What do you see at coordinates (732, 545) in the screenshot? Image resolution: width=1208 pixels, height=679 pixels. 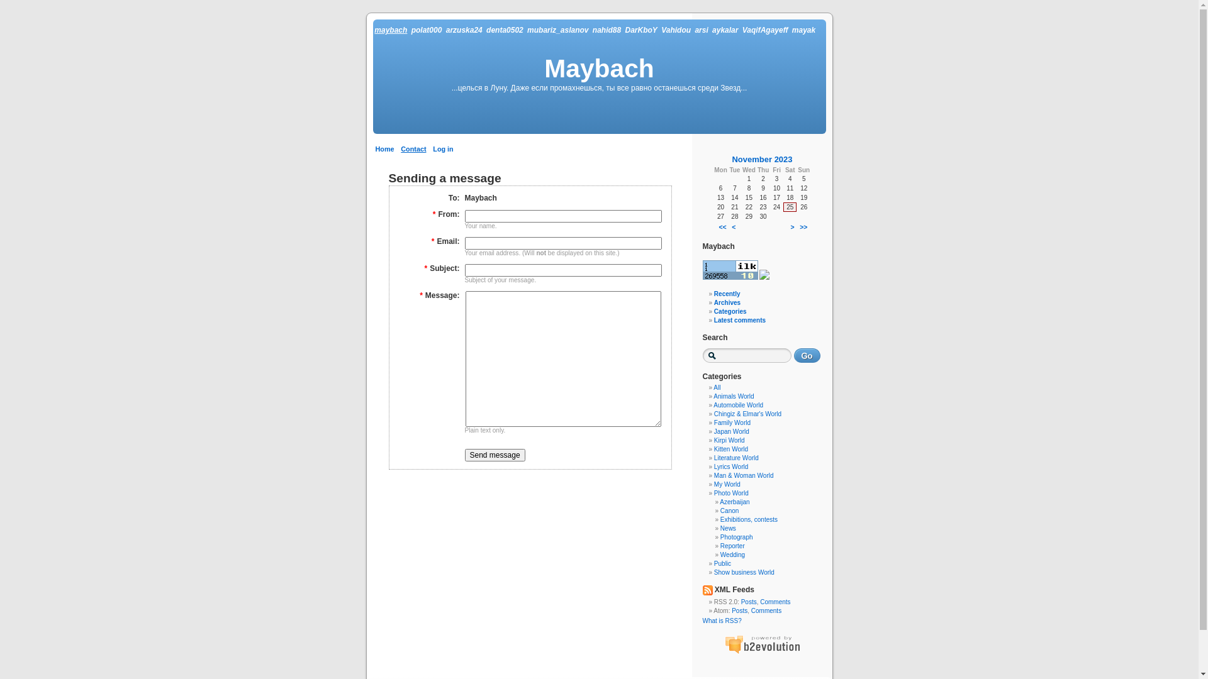 I see `'Reporter'` at bounding box center [732, 545].